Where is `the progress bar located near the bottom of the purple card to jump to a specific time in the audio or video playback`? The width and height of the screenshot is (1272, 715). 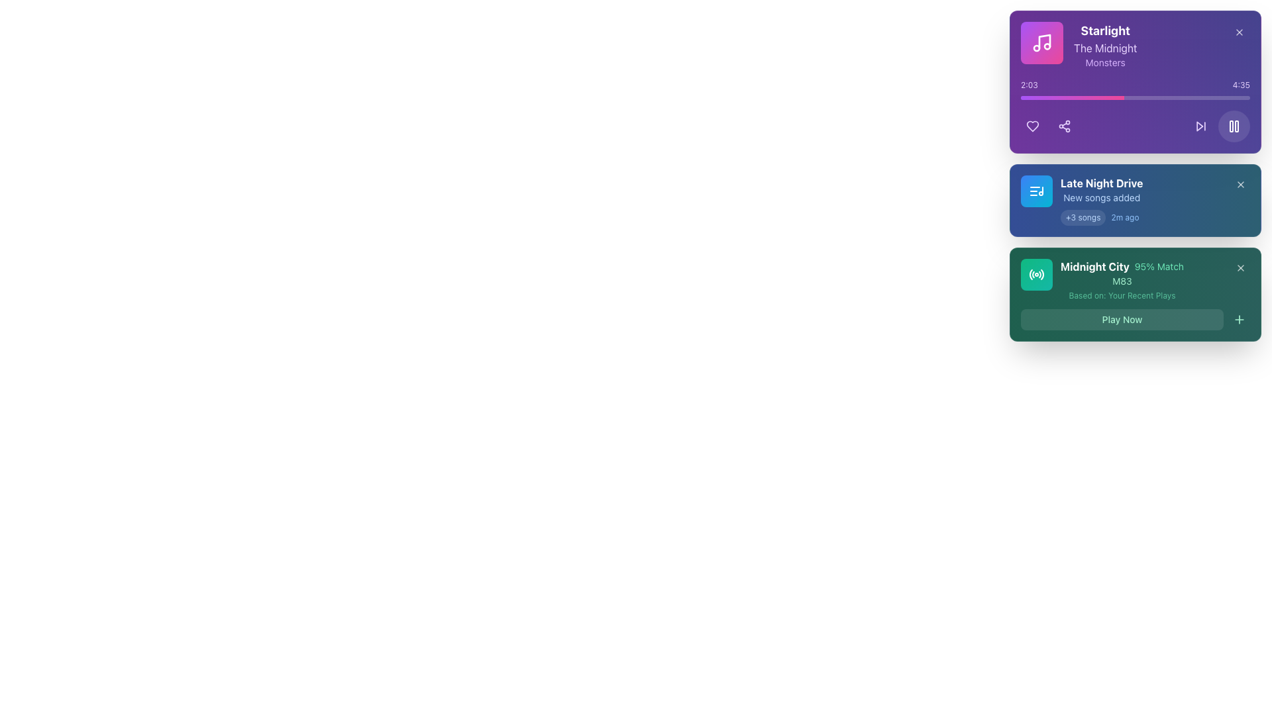 the progress bar located near the bottom of the purple card to jump to a specific time in the audio or video playback is located at coordinates (1134, 89).